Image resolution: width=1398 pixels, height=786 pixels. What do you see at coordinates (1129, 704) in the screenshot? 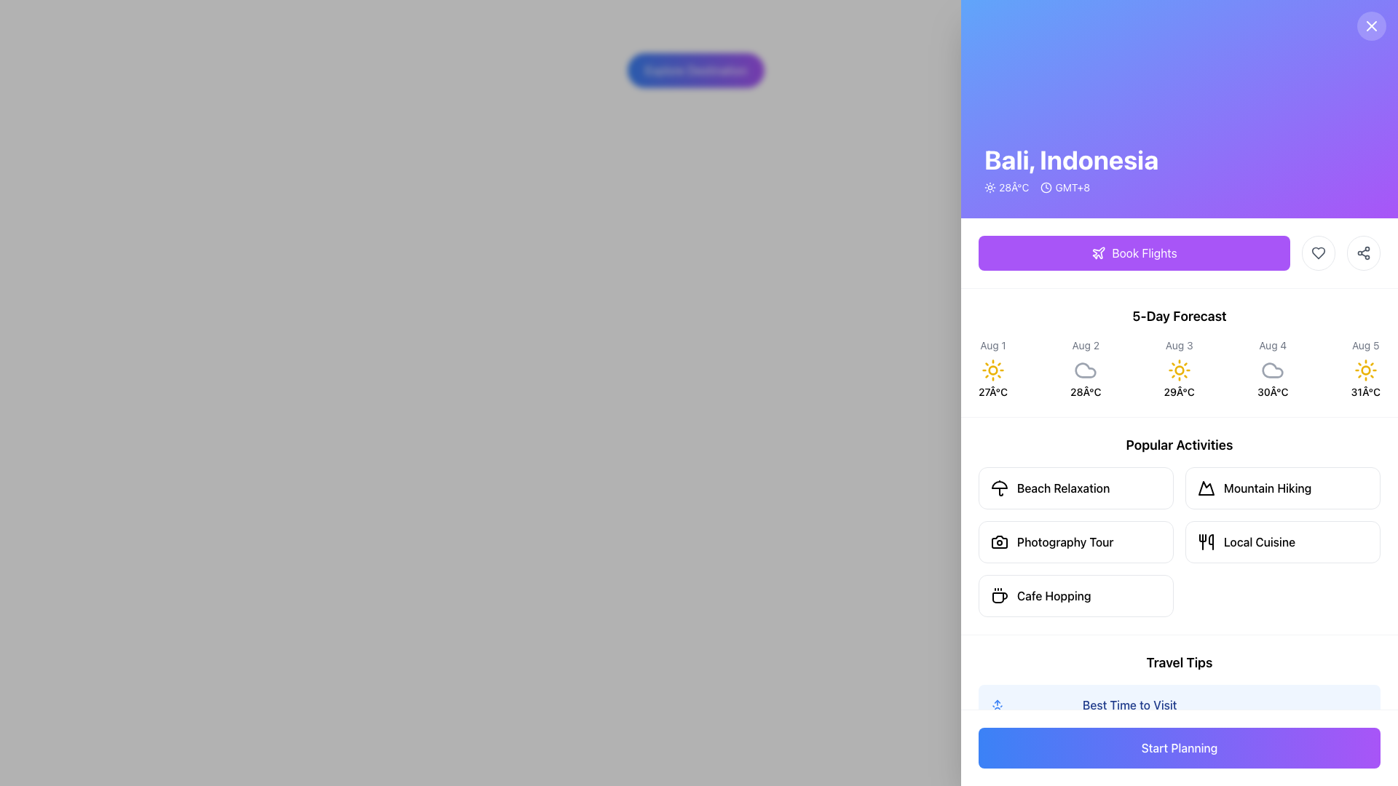
I see `the static text heading that introduces the section about the best times to visit a specific location, labeled 'Best Time to Visit', located near the bottom of the travel information page` at bounding box center [1129, 704].